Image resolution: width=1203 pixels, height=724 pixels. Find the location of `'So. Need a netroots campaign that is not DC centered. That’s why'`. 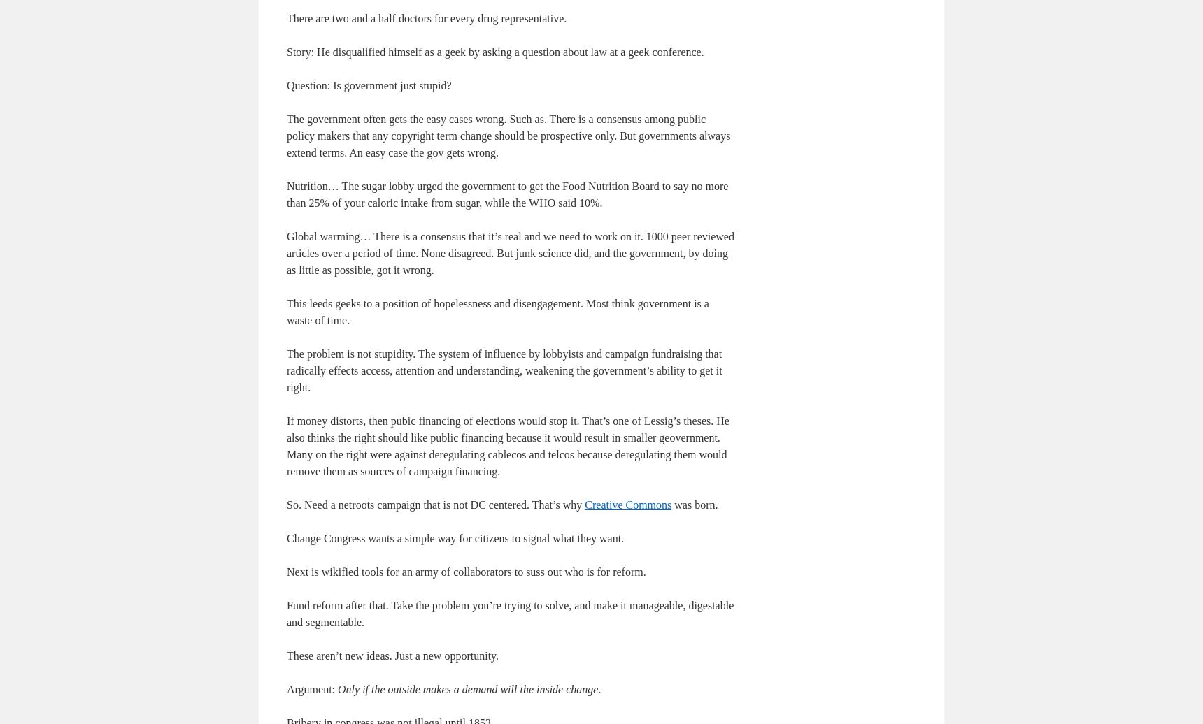

'So. Need a netroots campaign that is not DC centered. That’s why' is located at coordinates (434, 504).